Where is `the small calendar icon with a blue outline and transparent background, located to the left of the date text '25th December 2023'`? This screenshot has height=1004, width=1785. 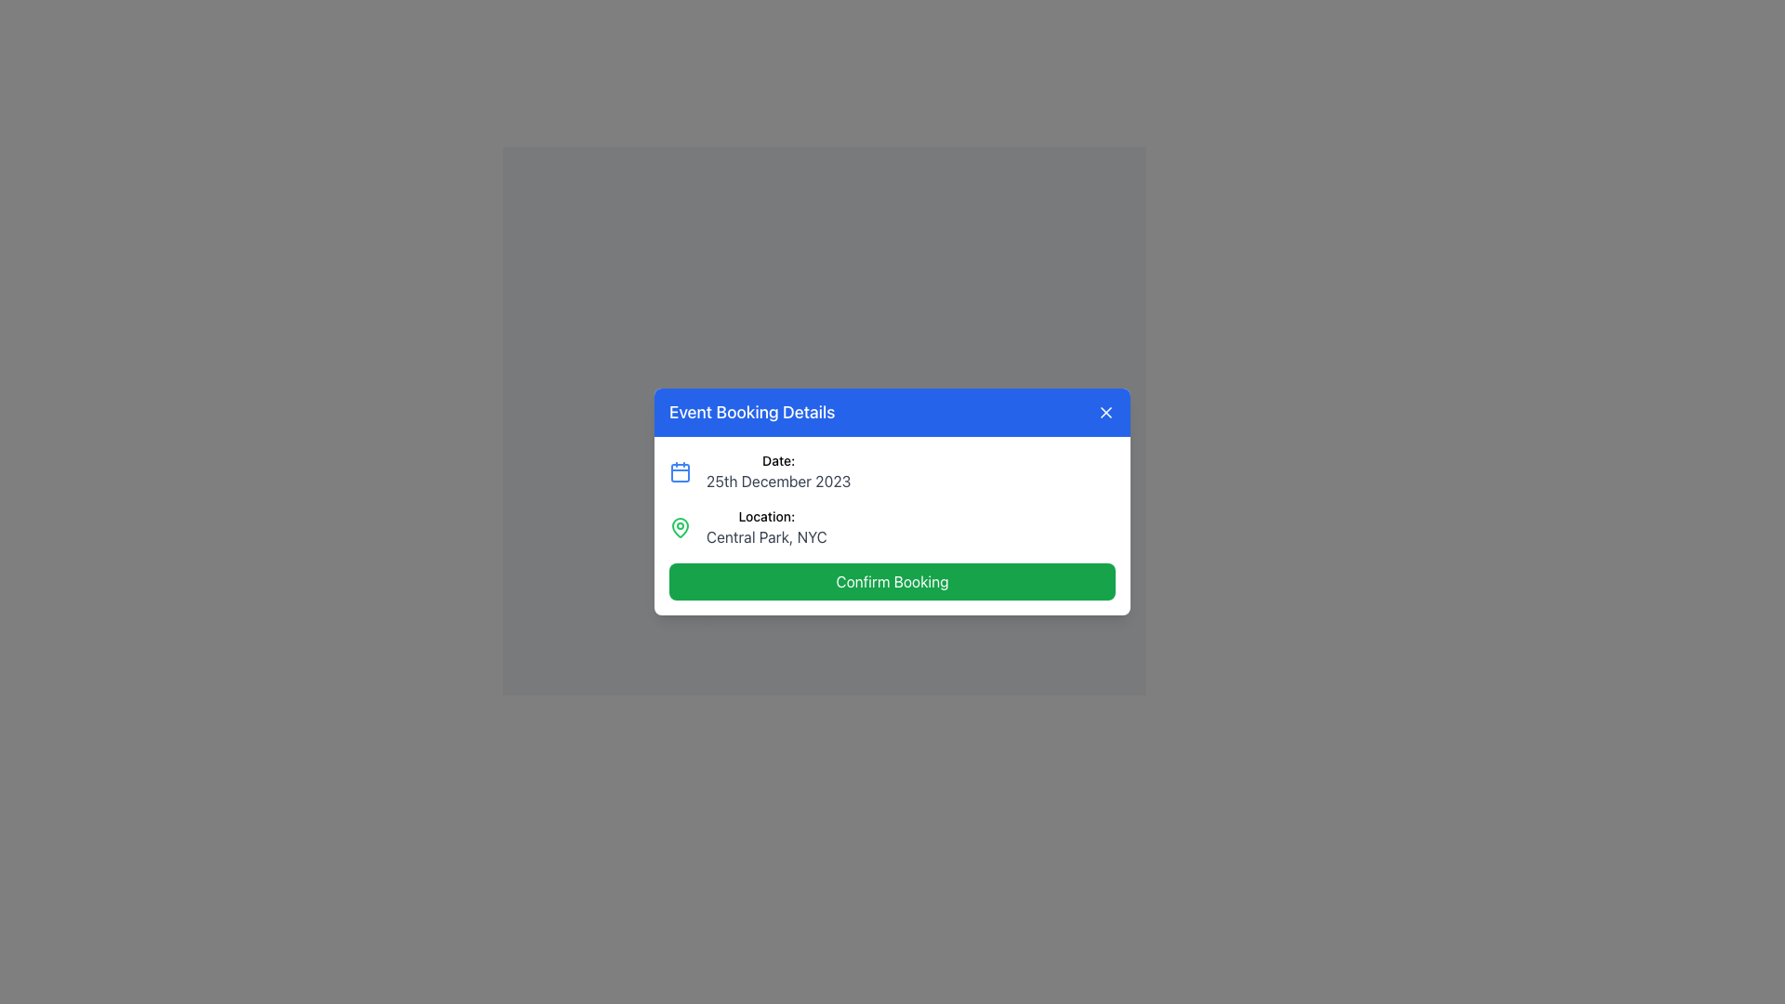
the small calendar icon with a blue outline and transparent background, located to the left of the date text '25th December 2023' is located at coordinates (679, 471).